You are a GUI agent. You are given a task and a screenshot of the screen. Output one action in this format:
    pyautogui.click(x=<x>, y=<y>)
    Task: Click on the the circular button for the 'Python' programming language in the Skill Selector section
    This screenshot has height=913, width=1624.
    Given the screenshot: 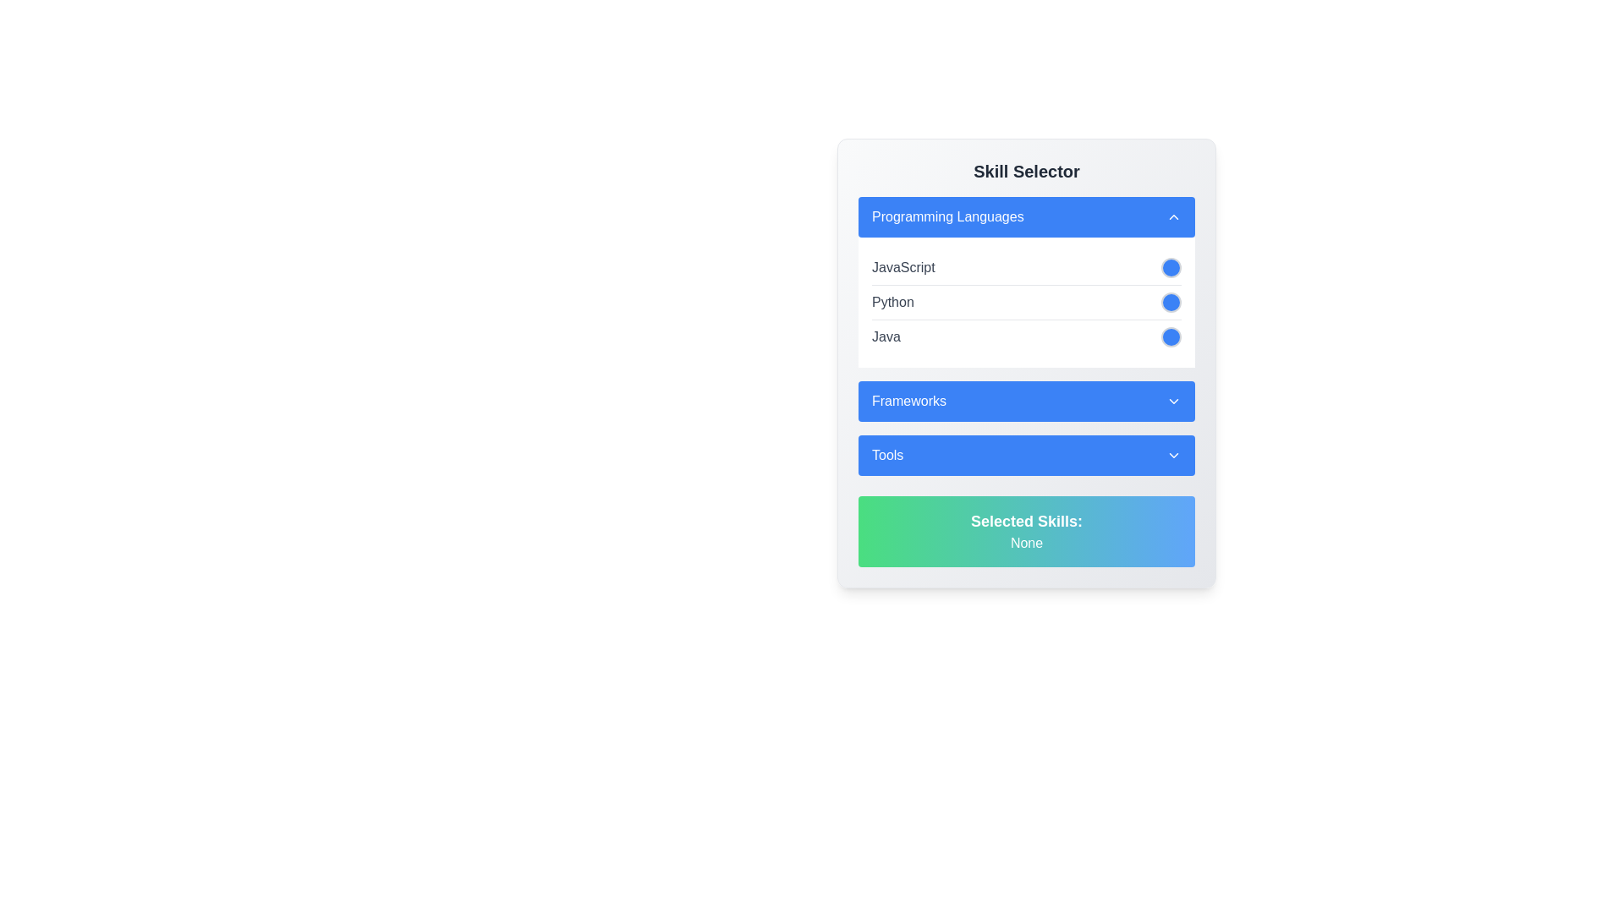 What is the action you would take?
    pyautogui.click(x=1171, y=302)
    